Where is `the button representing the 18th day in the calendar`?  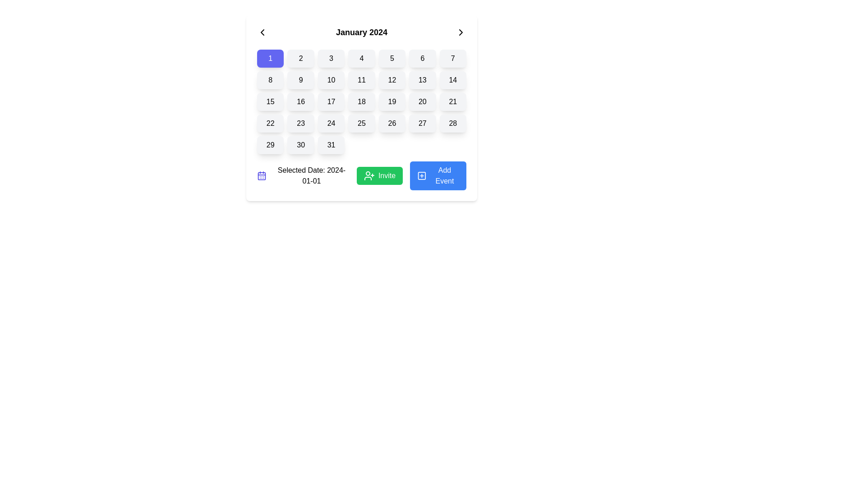 the button representing the 18th day in the calendar is located at coordinates (361, 101).